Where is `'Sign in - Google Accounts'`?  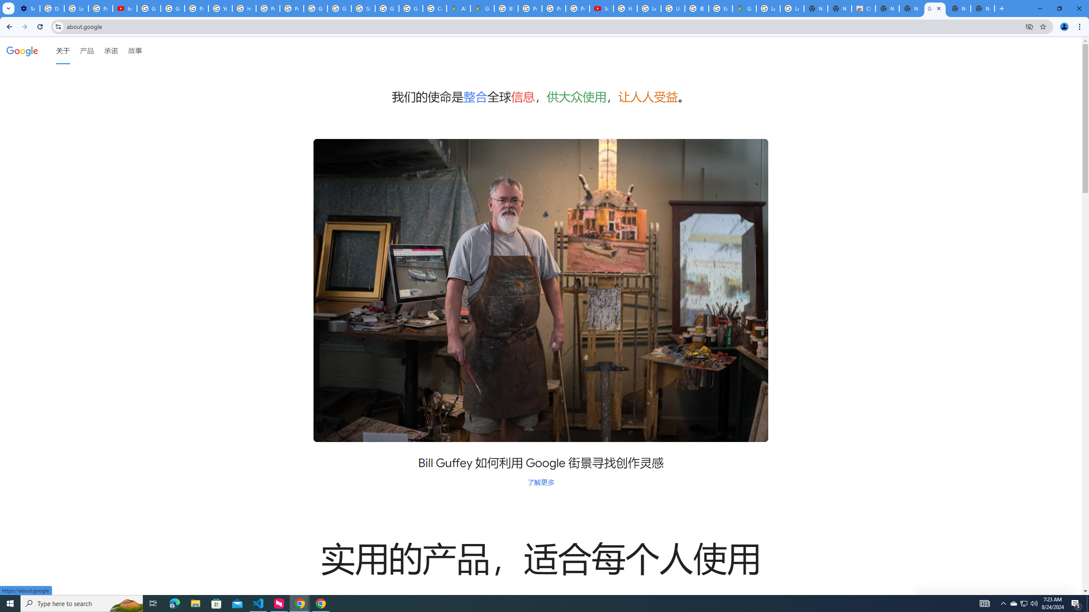 'Sign in - Google Accounts' is located at coordinates (362, 8).